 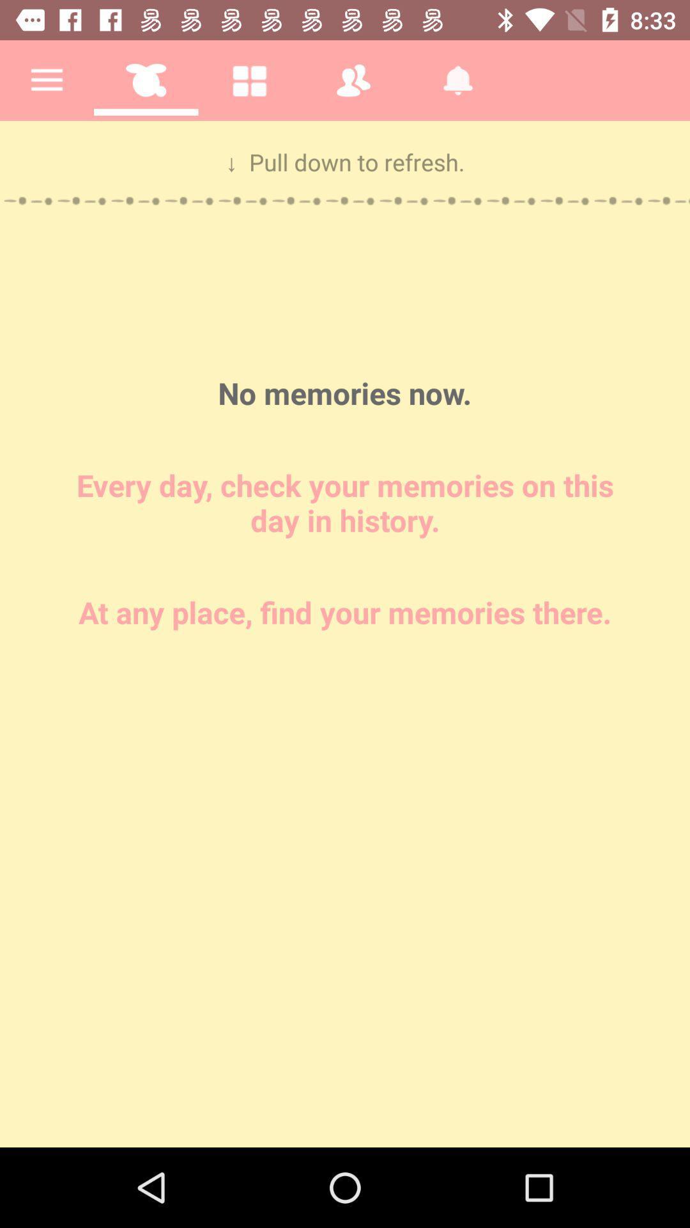 What do you see at coordinates (345, 634) in the screenshot?
I see `pull down to refresh memories` at bounding box center [345, 634].